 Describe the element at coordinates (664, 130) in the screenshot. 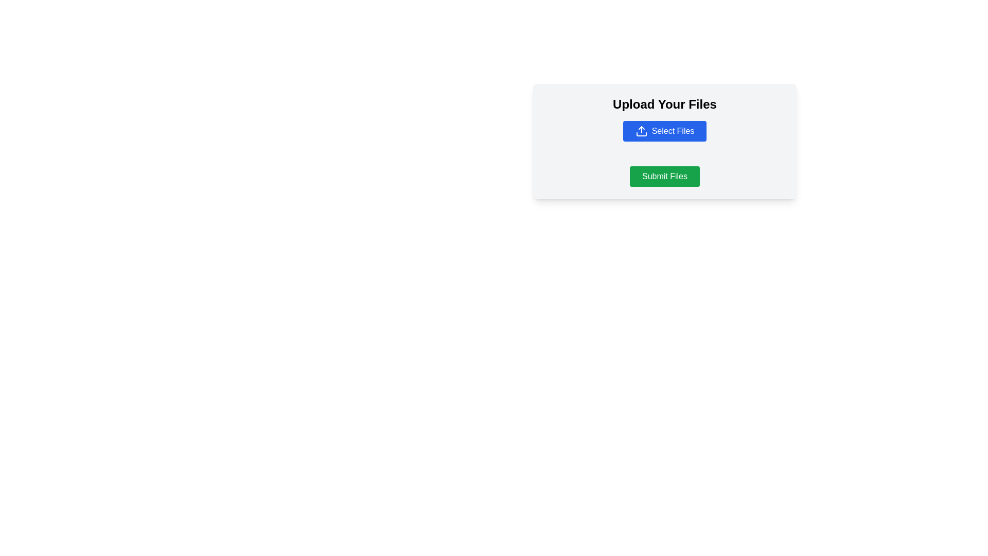

I see `the file selection button located below the 'Upload Your Files' heading and above the 'Submit Files' button` at that location.